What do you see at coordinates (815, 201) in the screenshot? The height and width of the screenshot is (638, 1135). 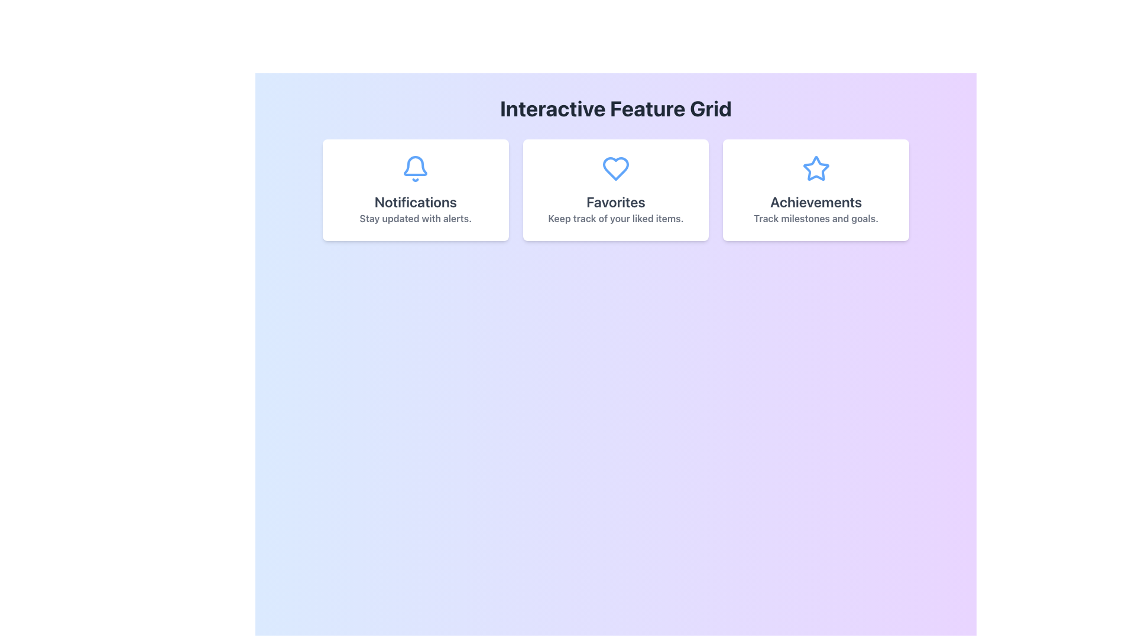 I see `the text label displaying 'Achievements', which is bold, large, and gray, prominently styled as a heading in its section` at bounding box center [815, 201].